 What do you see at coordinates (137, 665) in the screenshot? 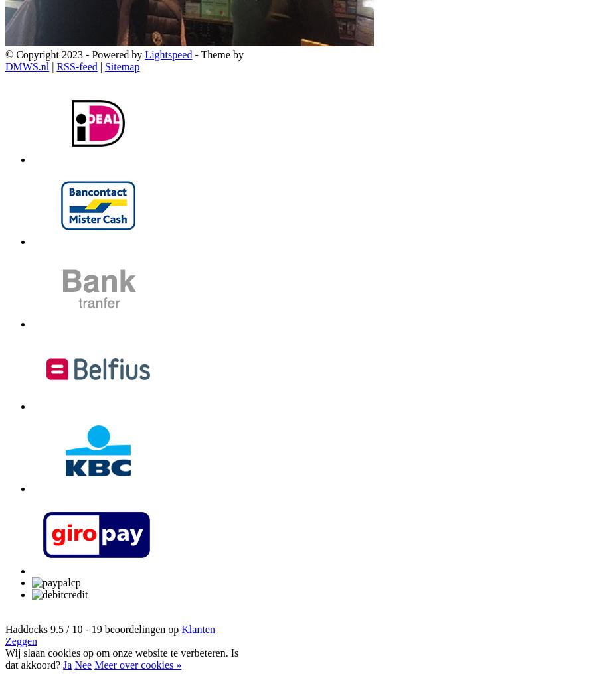
I see `'Meer over cookies »'` at bounding box center [137, 665].